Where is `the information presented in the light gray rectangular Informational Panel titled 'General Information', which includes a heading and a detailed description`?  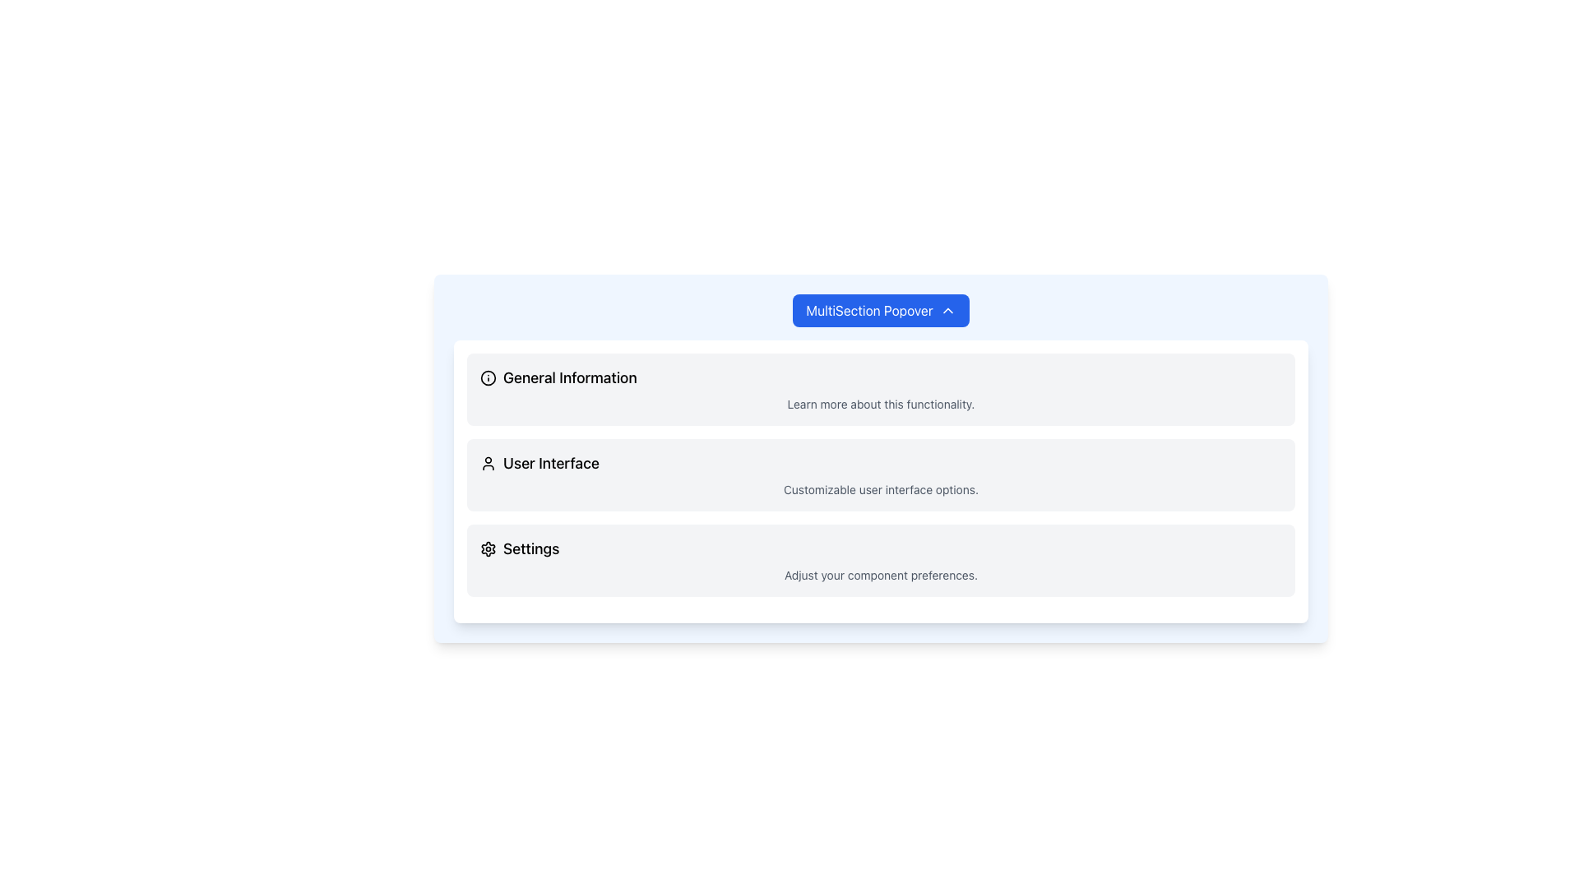 the information presented in the light gray rectangular Informational Panel titled 'General Information', which includes a heading and a detailed description is located at coordinates (880, 390).